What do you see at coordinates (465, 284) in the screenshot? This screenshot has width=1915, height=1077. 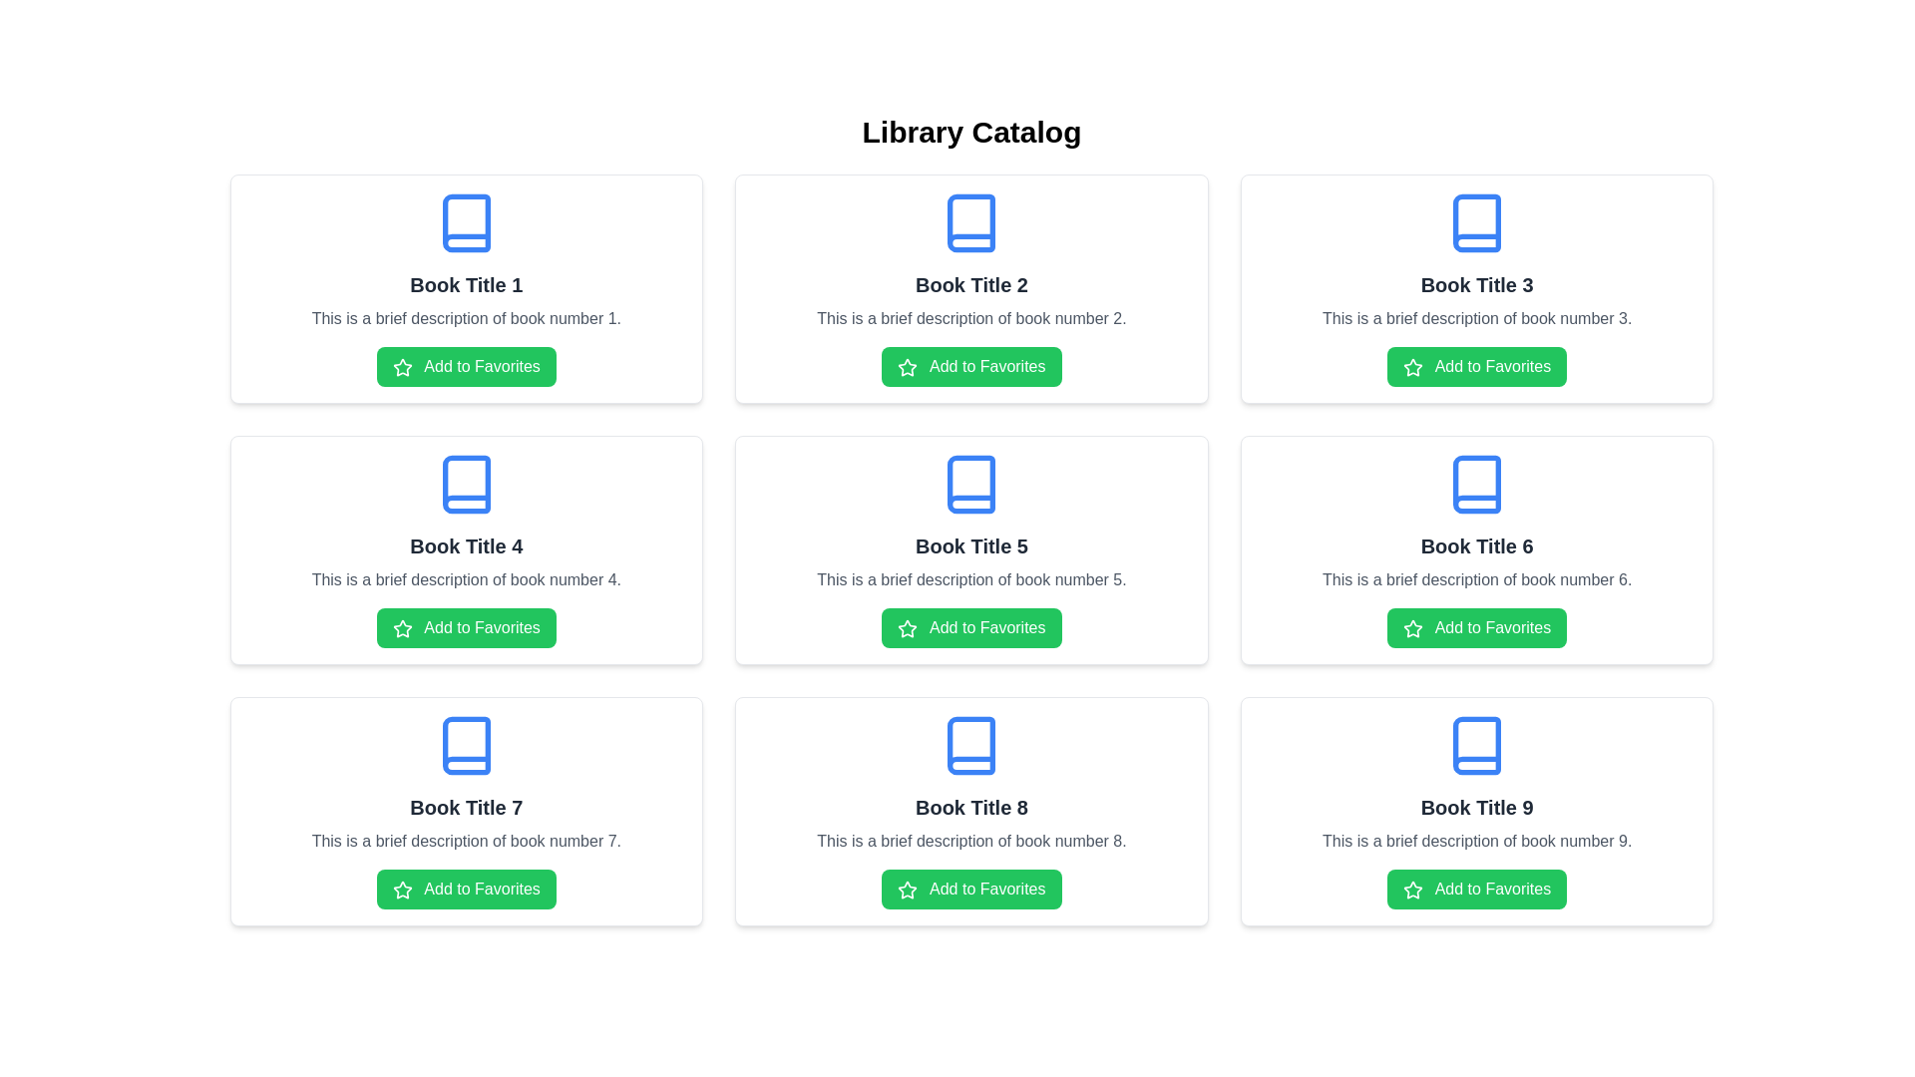 I see `title of the book displayed in the top row, first column of the book listing grid, which is located beneath the blue icon and above the description text` at bounding box center [465, 284].